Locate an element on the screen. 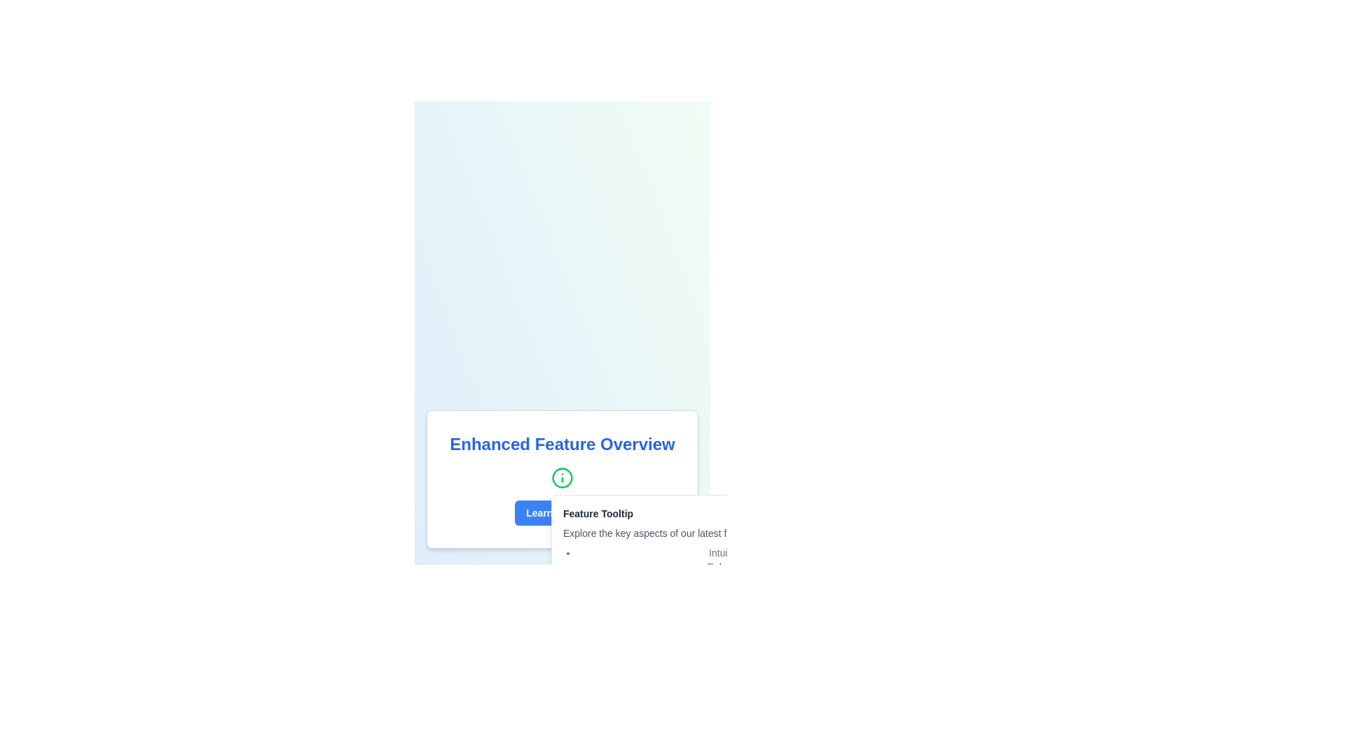 Image resolution: width=1345 pixels, height=756 pixels. the Tooltip graphical marker that assists in pointing to or highlighting specific content, located directly below the heading 'Enhanced Feature Overview' is located at coordinates (562, 479).